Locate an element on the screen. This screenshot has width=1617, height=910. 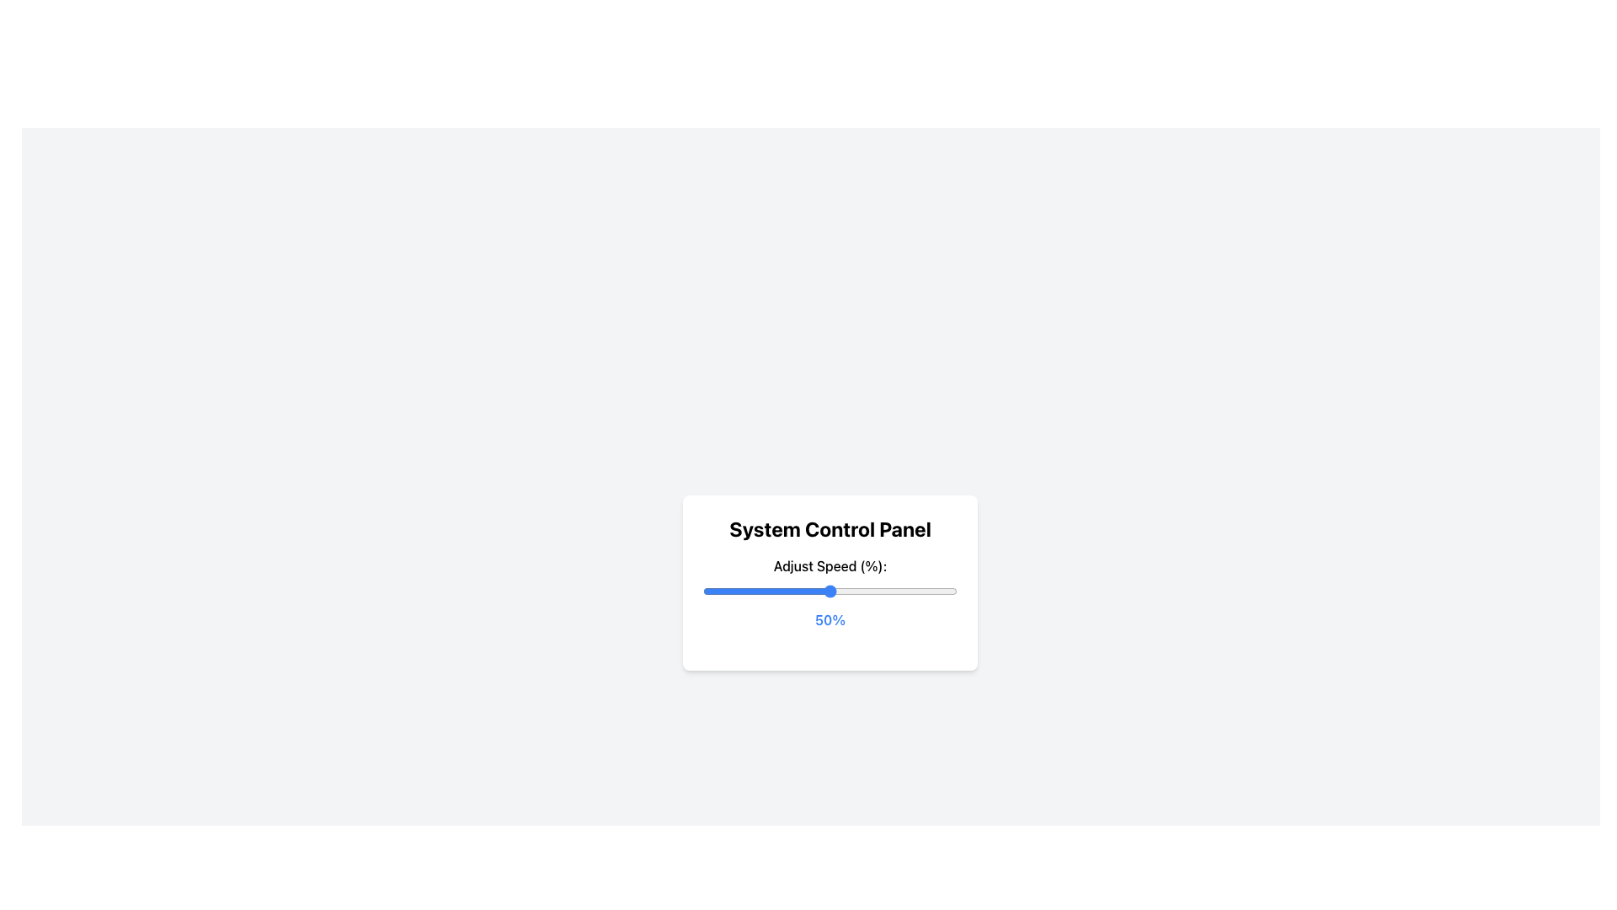
the speed is located at coordinates (910, 591).